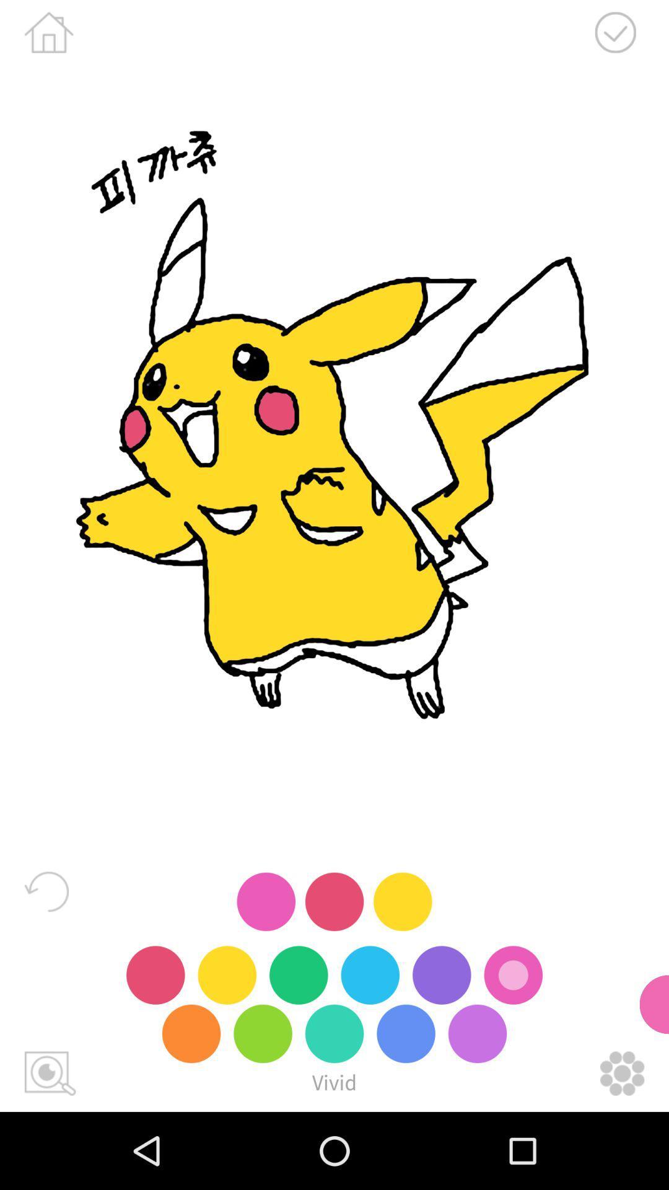 Image resolution: width=669 pixels, height=1190 pixels. I want to click on autofill drawing, so click(50, 1073).